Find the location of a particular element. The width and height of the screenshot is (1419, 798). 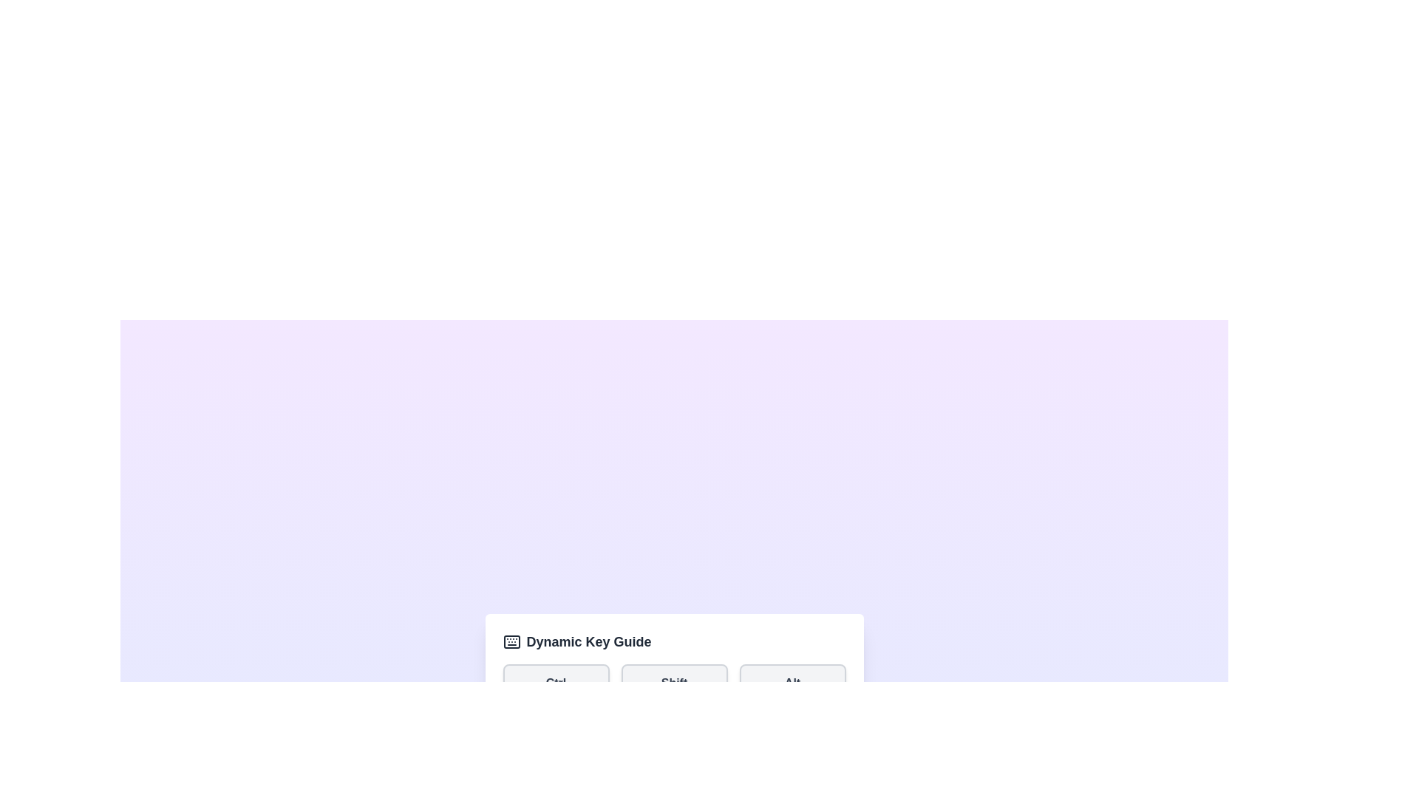

the 'Ctrl' button located in the top-left cell of the grid, under the label 'Dynamic Key Guide' is located at coordinates (555, 683).